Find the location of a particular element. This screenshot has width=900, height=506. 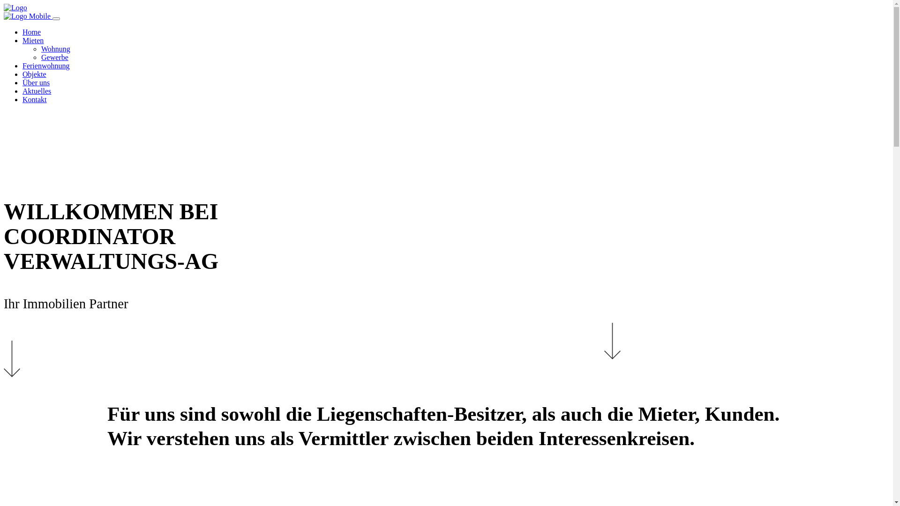

'Wohnung' is located at coordinates (55, 49).